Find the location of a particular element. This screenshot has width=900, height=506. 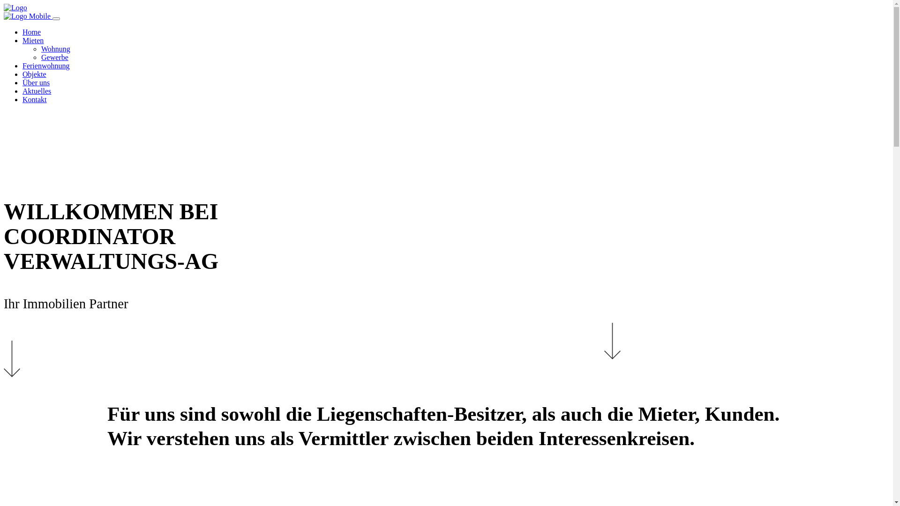

'Wohnung' is located at coordinates (55, 49).